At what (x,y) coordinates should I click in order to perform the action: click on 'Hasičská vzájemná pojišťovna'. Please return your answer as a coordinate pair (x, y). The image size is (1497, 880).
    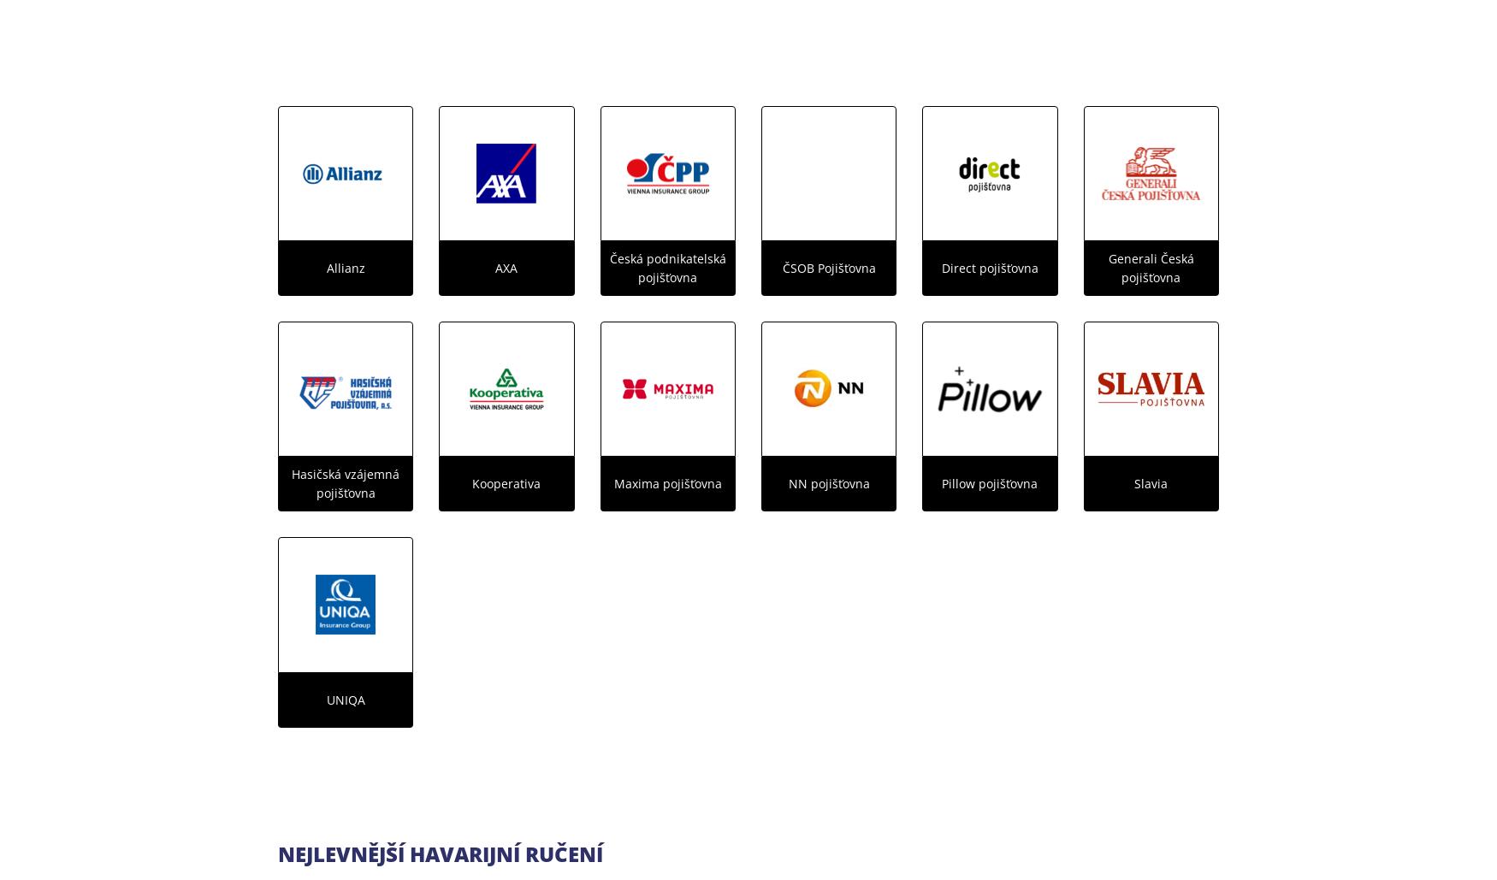
    Looking at the image, I should click on (345, 482).